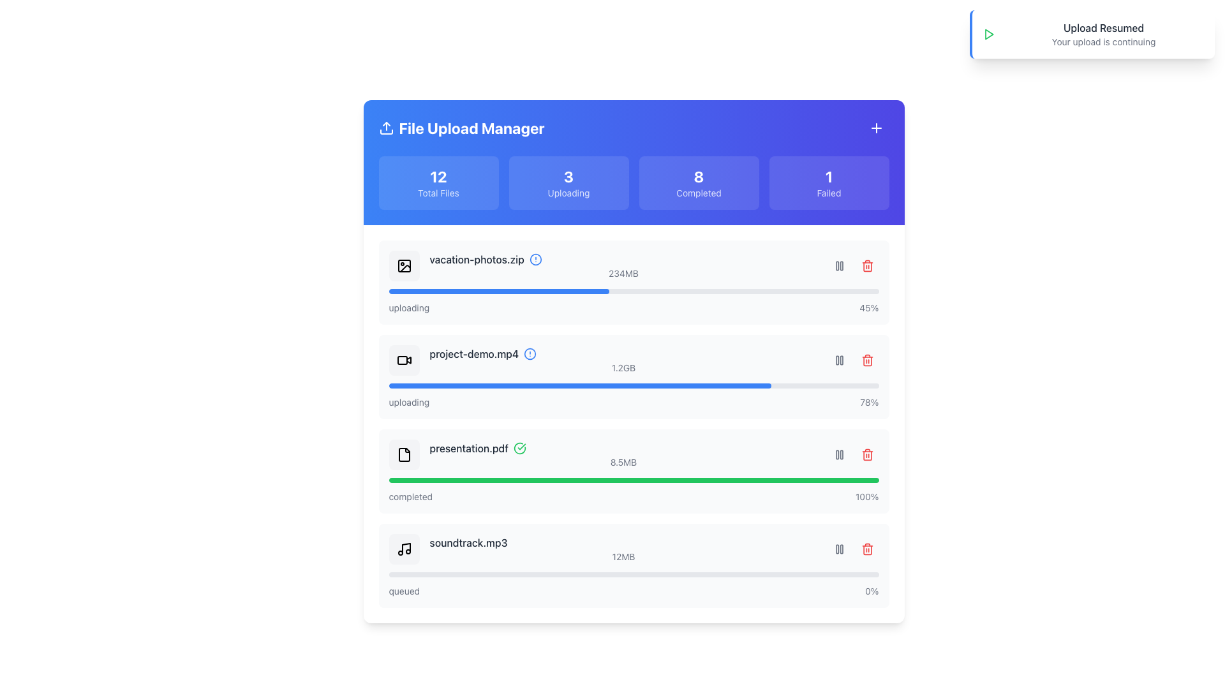 The height and width of the screenshot is (689, 1225). Describe the element at coordinates (868, 403) in the screenshot. I see `the text label that displays the upload progress of the file 'project-demo.mp4'` at that location.